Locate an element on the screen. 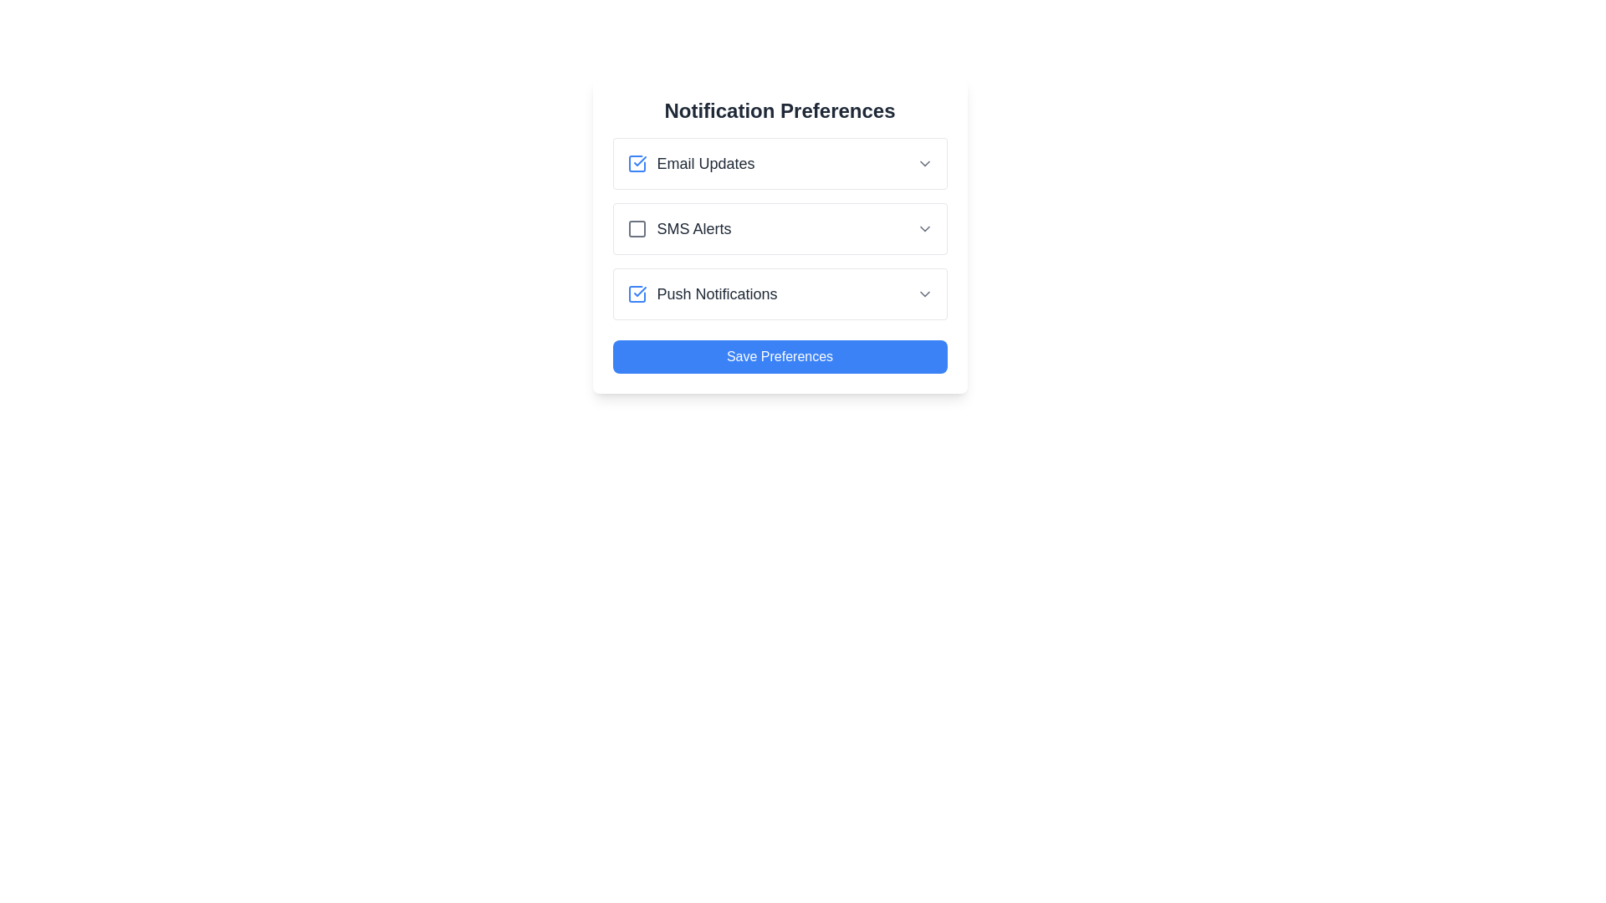  the 'Push Notifications' checkbox is located at coordinates (636, 293).